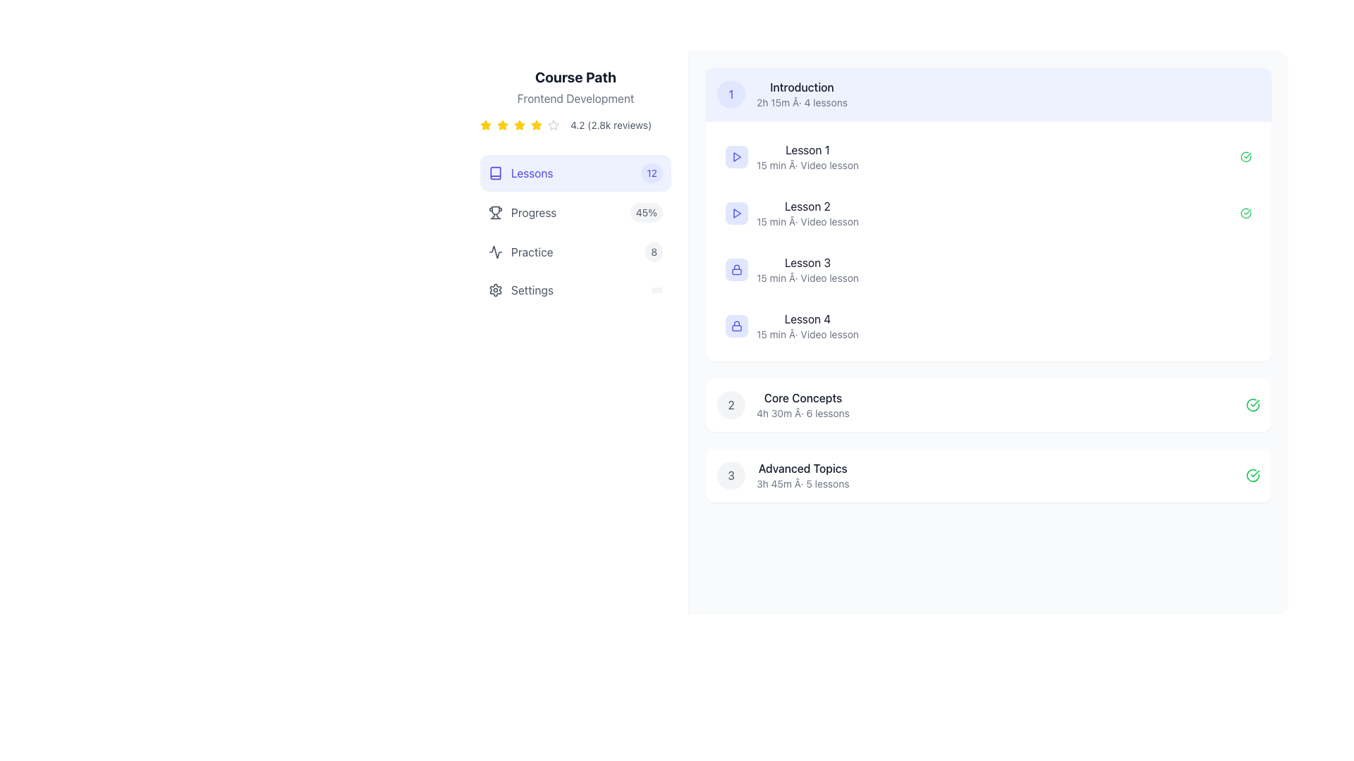 The height and width of the screenshot is (761, 1354). What do you see at coordinates (531, 252) in the screenshot?
I see `the 'Practice' text label in the vertical menu navigation` at bounding box center [531, 252].